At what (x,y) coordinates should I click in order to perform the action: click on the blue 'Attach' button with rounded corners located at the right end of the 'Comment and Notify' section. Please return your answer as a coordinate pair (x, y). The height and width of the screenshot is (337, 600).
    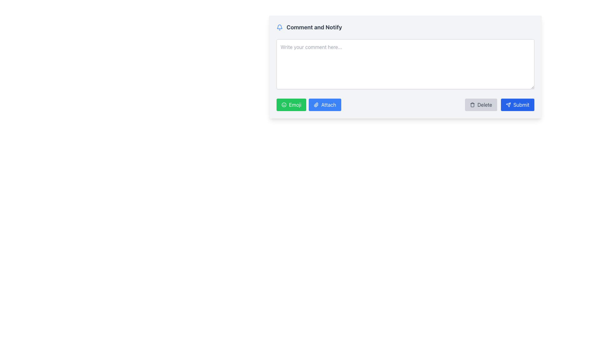
    Looking at the image, I should click on (324, 104).